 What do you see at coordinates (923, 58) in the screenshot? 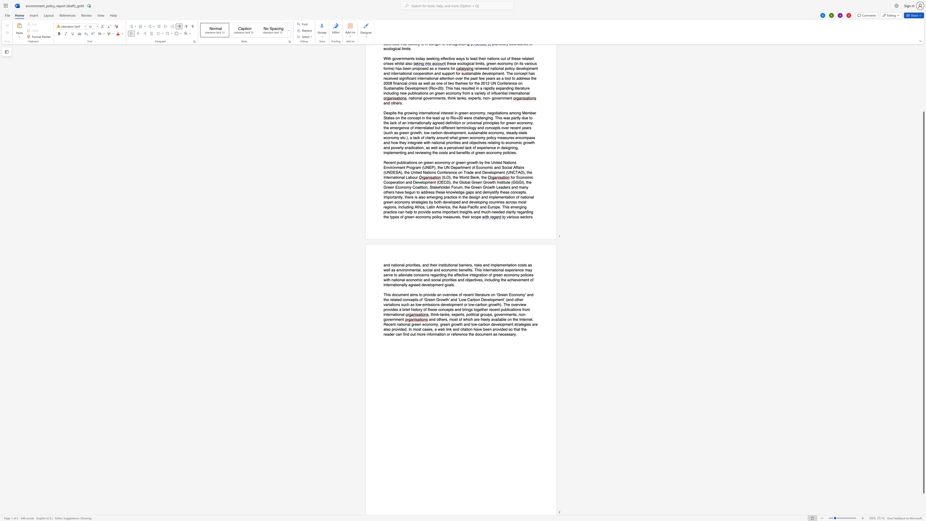
I see `the scrollbar on the side` at bounding box center [923, 58].